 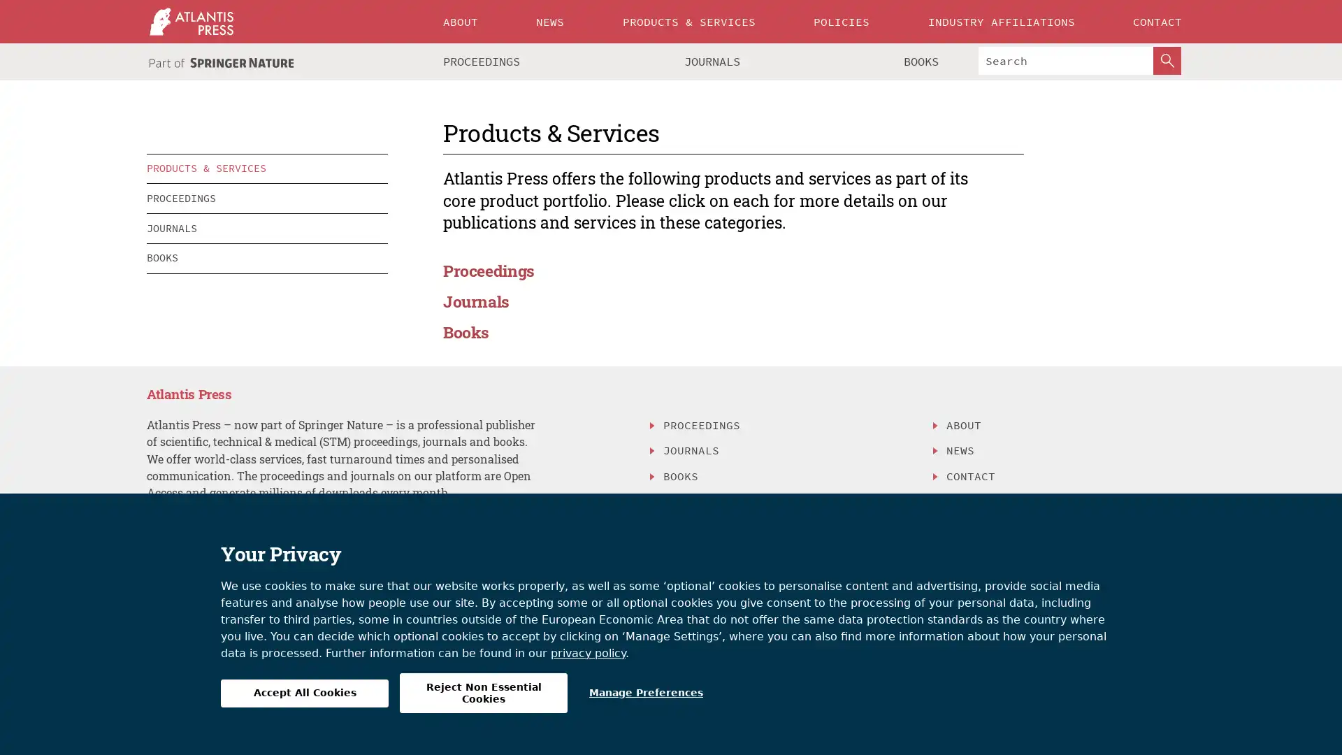 I want to click on Accept All Cookies, so click(x=304, y=693).